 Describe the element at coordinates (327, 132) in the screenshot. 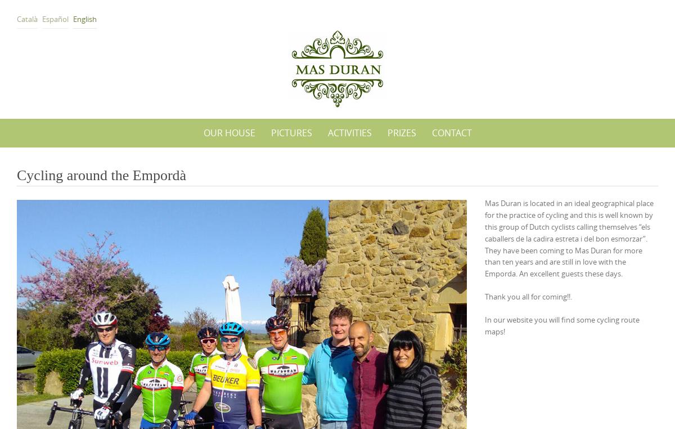

I see `'Activities'` at that location.